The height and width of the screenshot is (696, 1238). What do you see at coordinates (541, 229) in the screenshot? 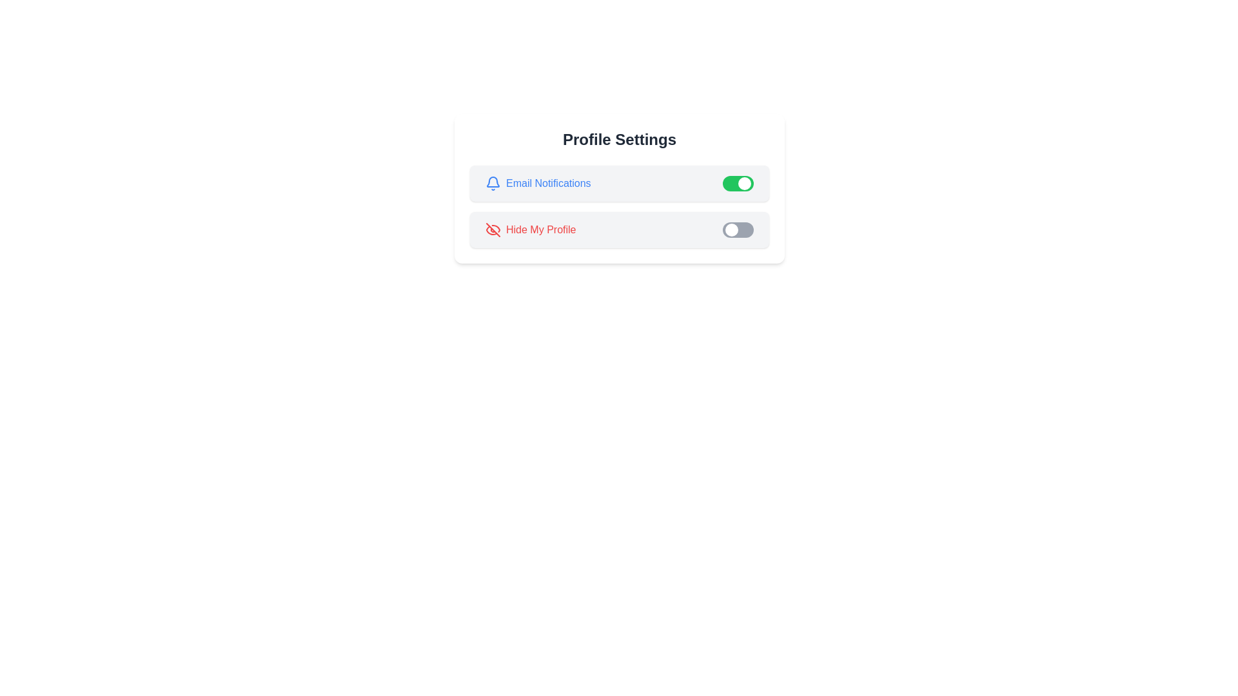
I see `the text label indicating the functionality related to hiding the user's profile, positioned in the lower part of the 'Profile Settings' section, directly to the right of an eye icon` at bounding box center [541, 229].